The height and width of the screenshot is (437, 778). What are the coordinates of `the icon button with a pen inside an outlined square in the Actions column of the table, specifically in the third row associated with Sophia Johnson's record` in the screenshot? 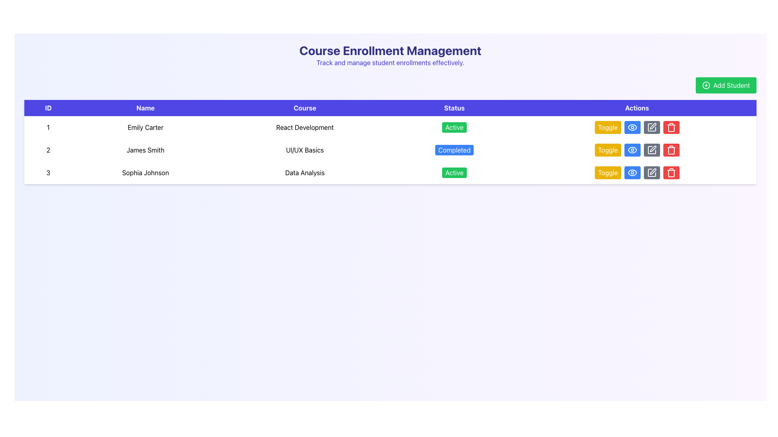 It's located at (652, 127).